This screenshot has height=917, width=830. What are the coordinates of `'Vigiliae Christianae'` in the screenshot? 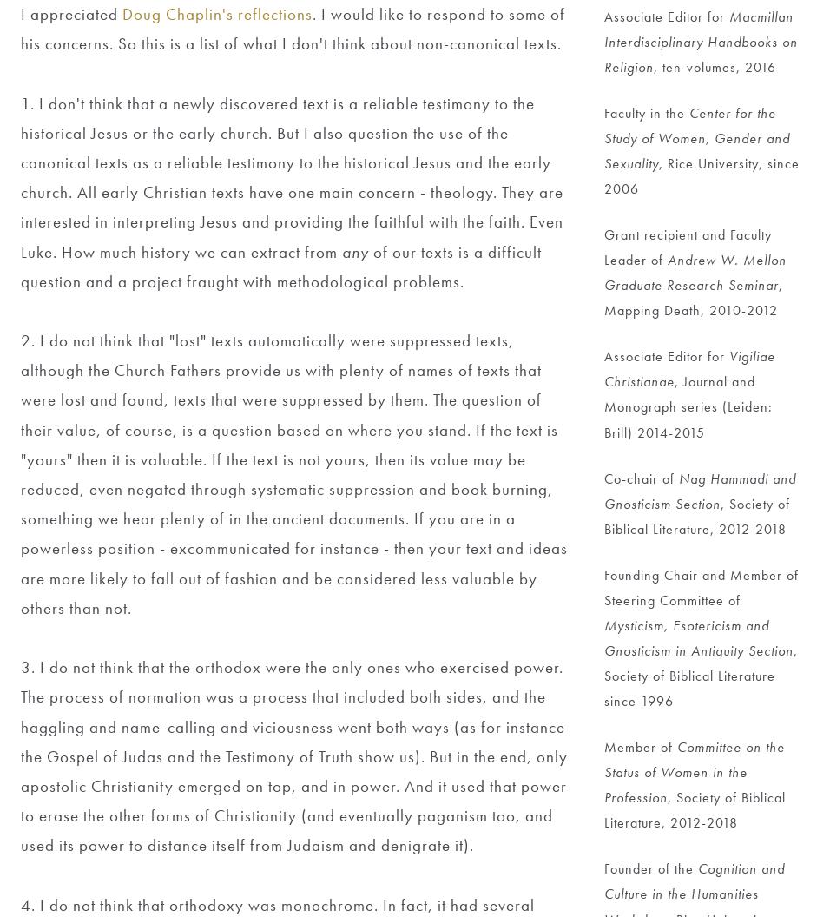 It's located at (691, 369).